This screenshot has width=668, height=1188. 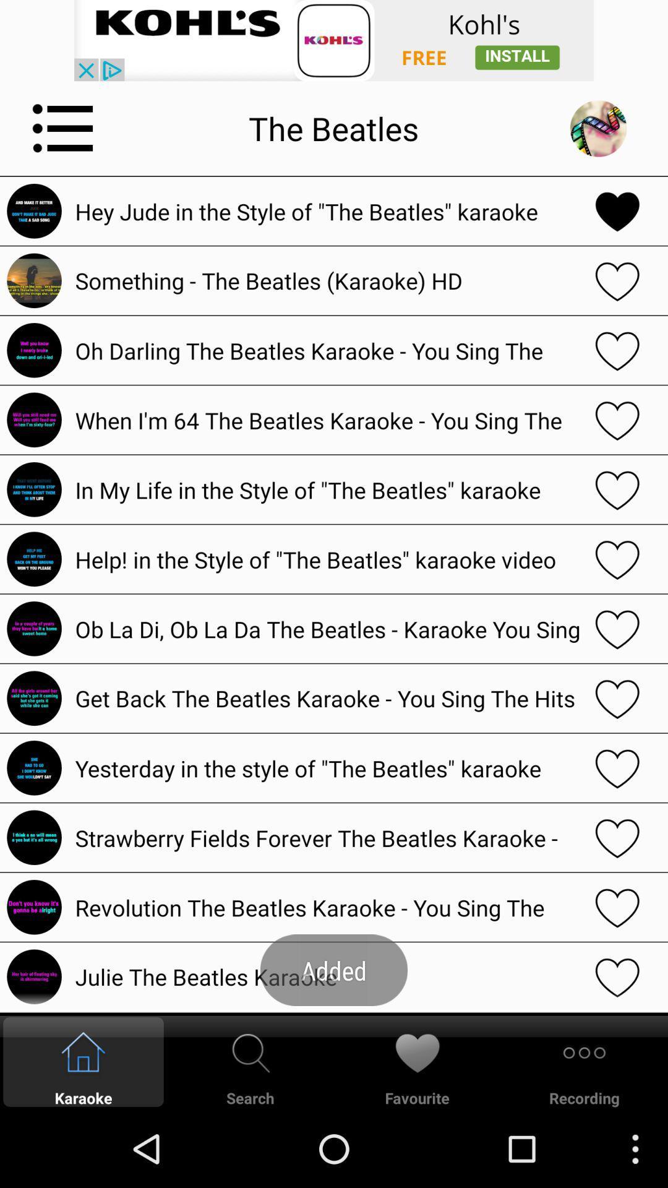 I want to click on to favorites, so click(x=617, y=629).